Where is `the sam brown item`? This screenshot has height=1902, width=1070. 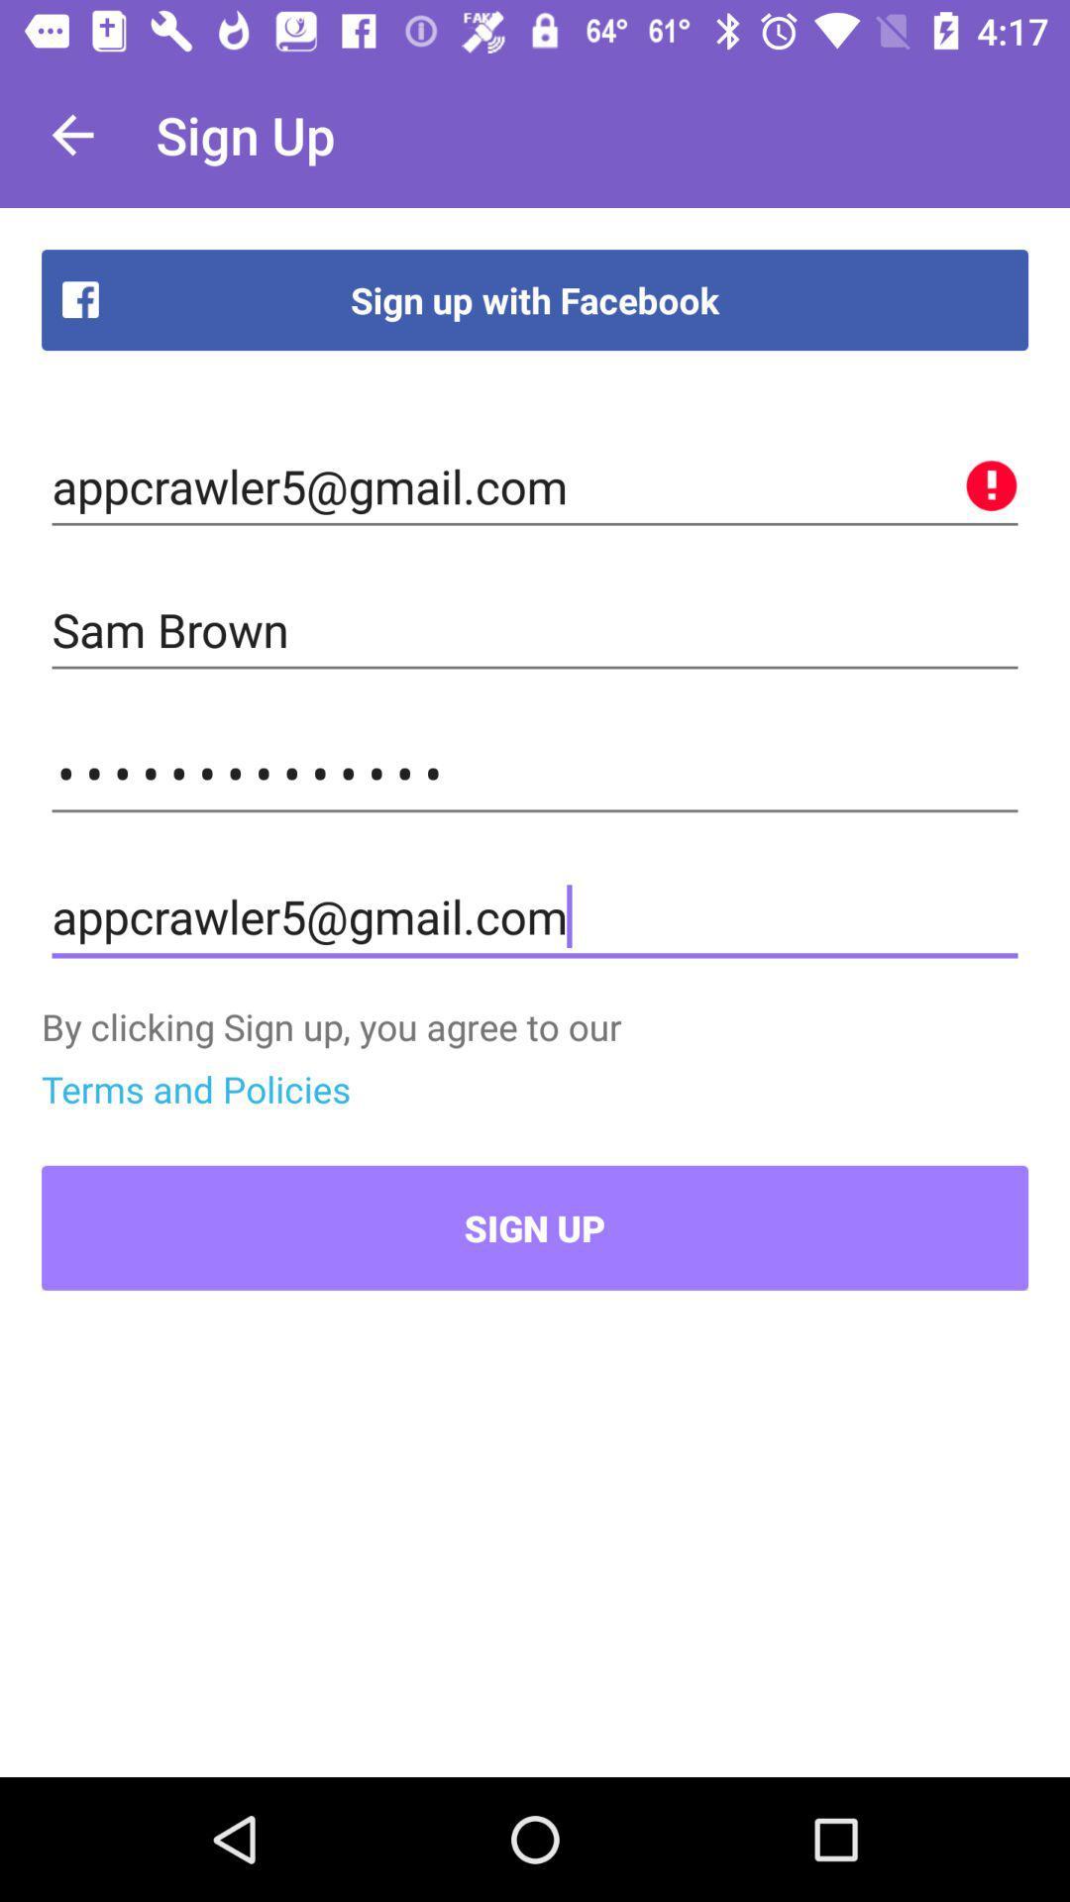 the sam brown item is located at coordinates (535, 629).